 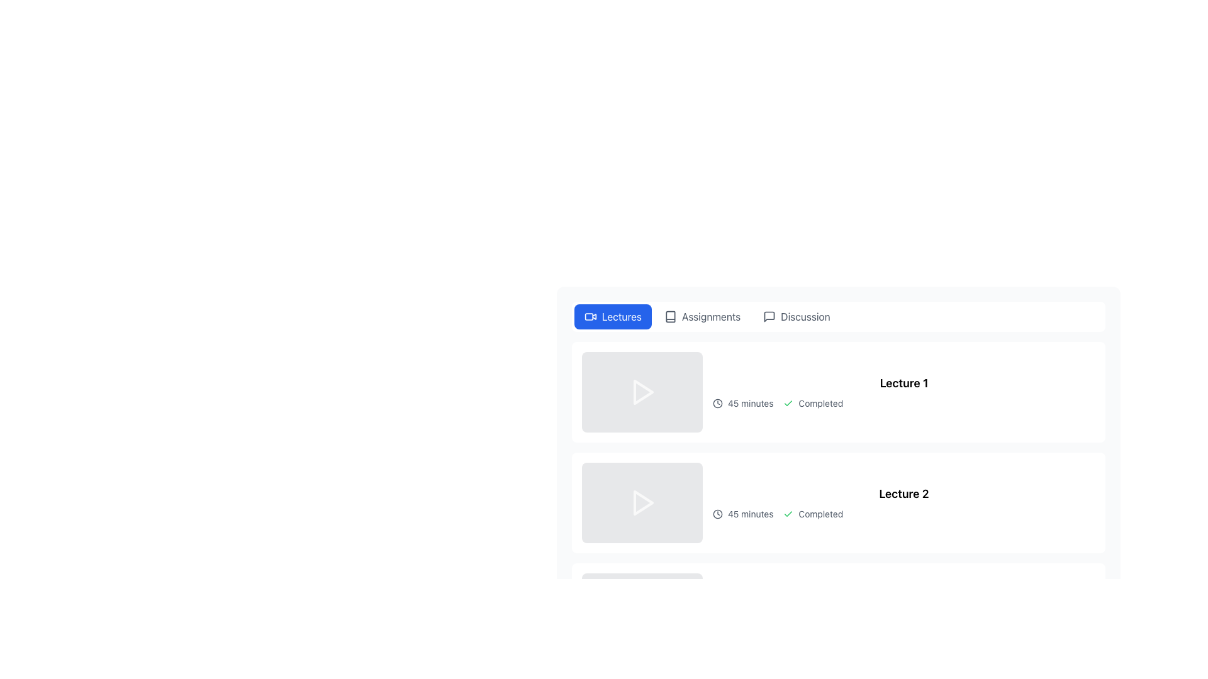 I want to click on the decorative icon indicating the purpose of the 'Lectures' button, which is related to video content, so click(x=590, y=316).